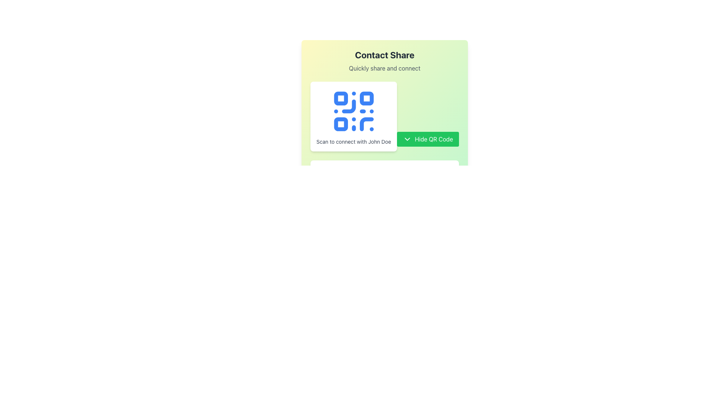 The image size is (713, 401). Describe the element at coordinates (353, 141) in the screenshot. I see `the static text element located within a white rectangular card at the bottom, centered horizontally, directly beneath a blue QR code icon` at that location.